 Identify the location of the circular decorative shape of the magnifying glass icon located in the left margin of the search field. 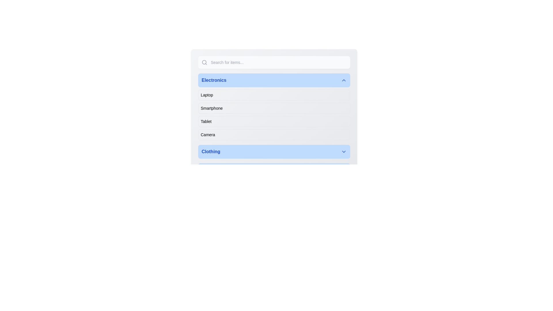
(204, 62).